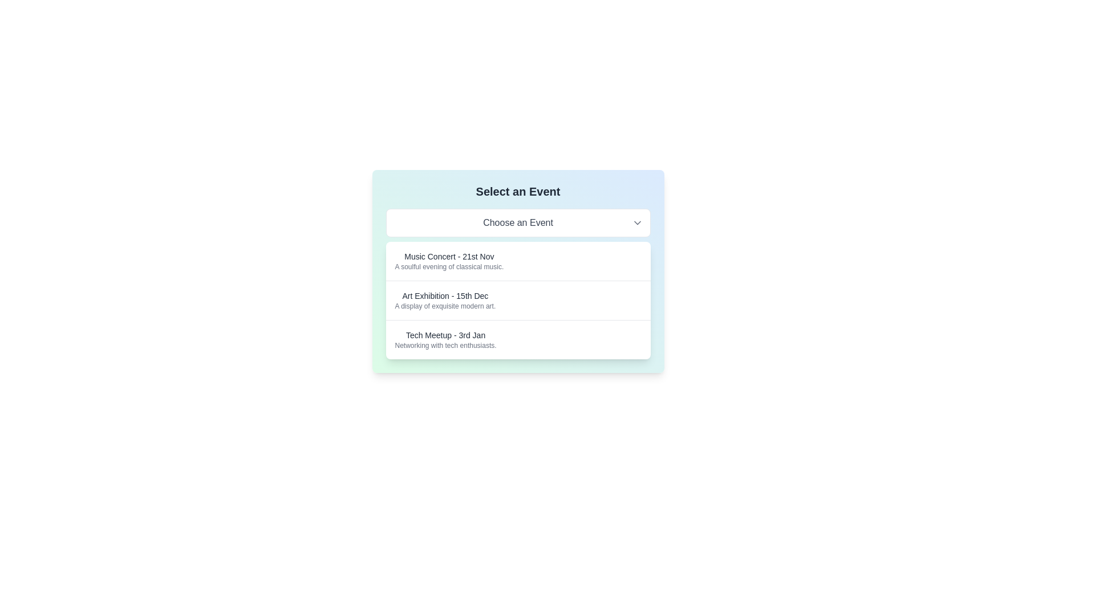  What do you see at coordinates (517, 261) in the screenshot?
I see `the interactive list item for selecting the 'Music Concert - 21st Nov' event by moving the cursor to its center point` at bounding box center [517, 261].